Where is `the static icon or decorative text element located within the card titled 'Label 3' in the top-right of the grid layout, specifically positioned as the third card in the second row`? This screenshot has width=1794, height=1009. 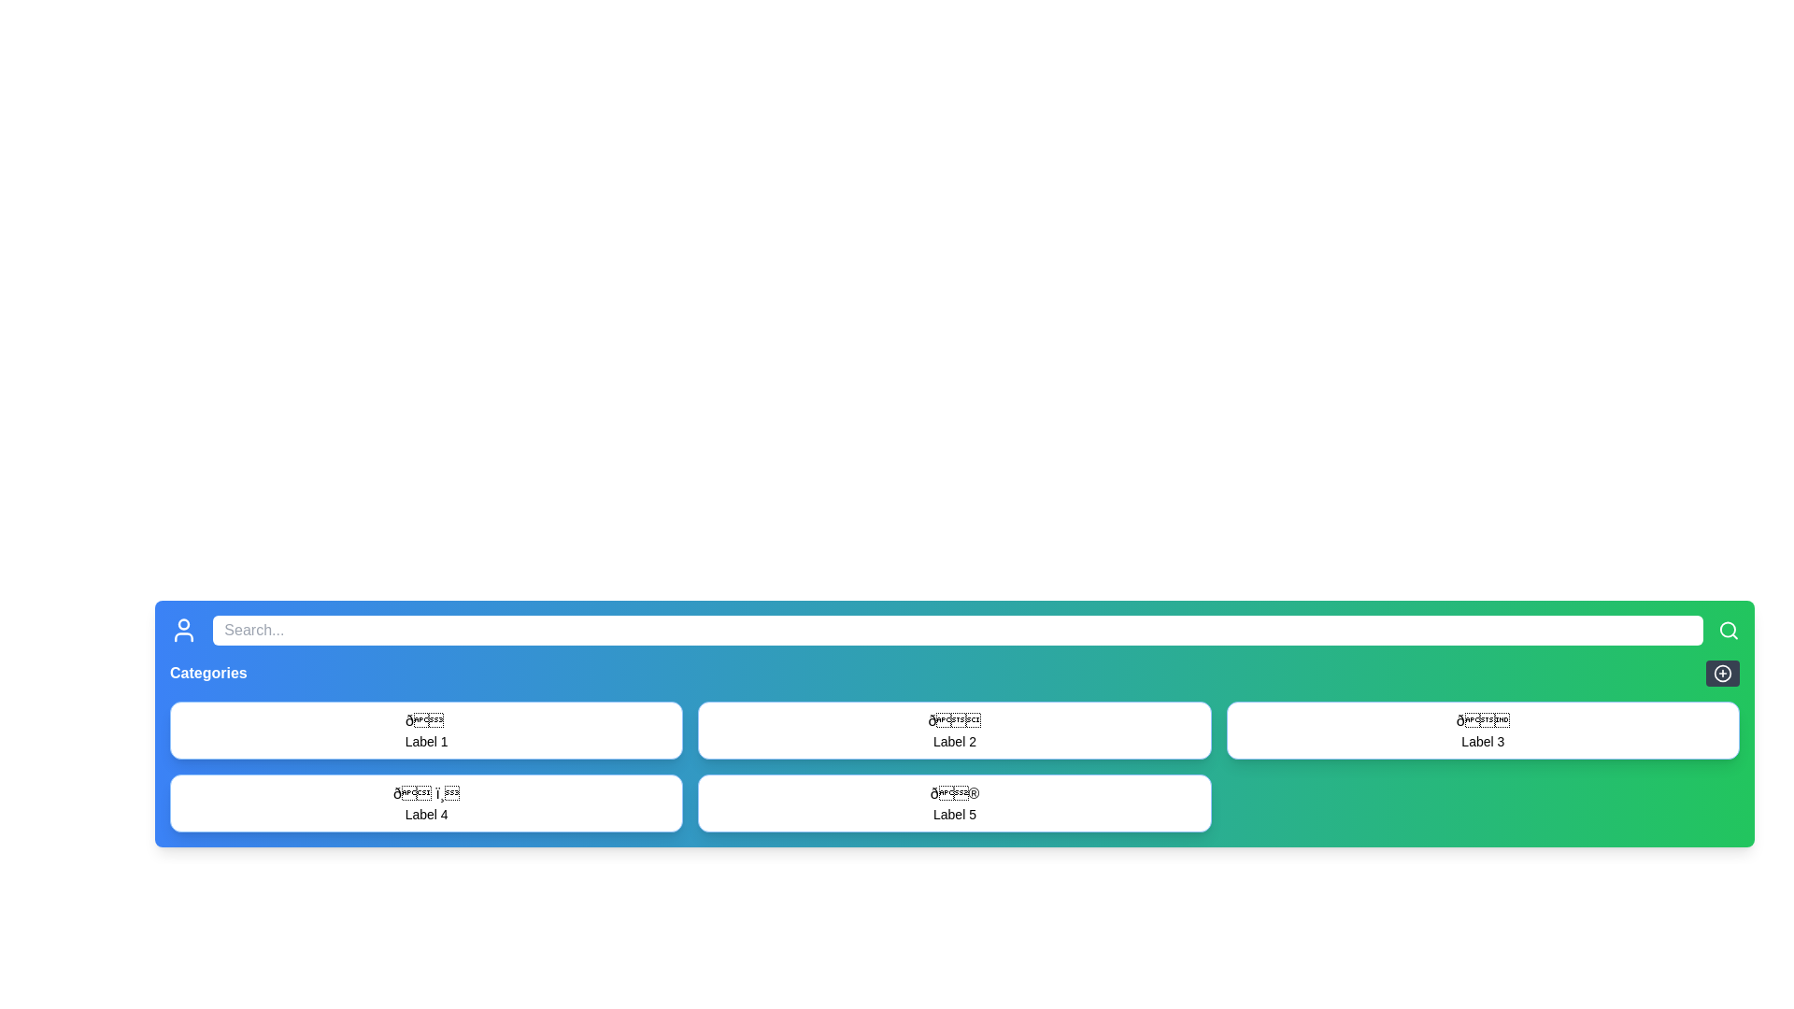
the static icon or decorative text element located within the card titled 'Label 3' in the top-right of the grid layout, specifically positioned as the third card in the second row is located at coordinates (1482, 719).